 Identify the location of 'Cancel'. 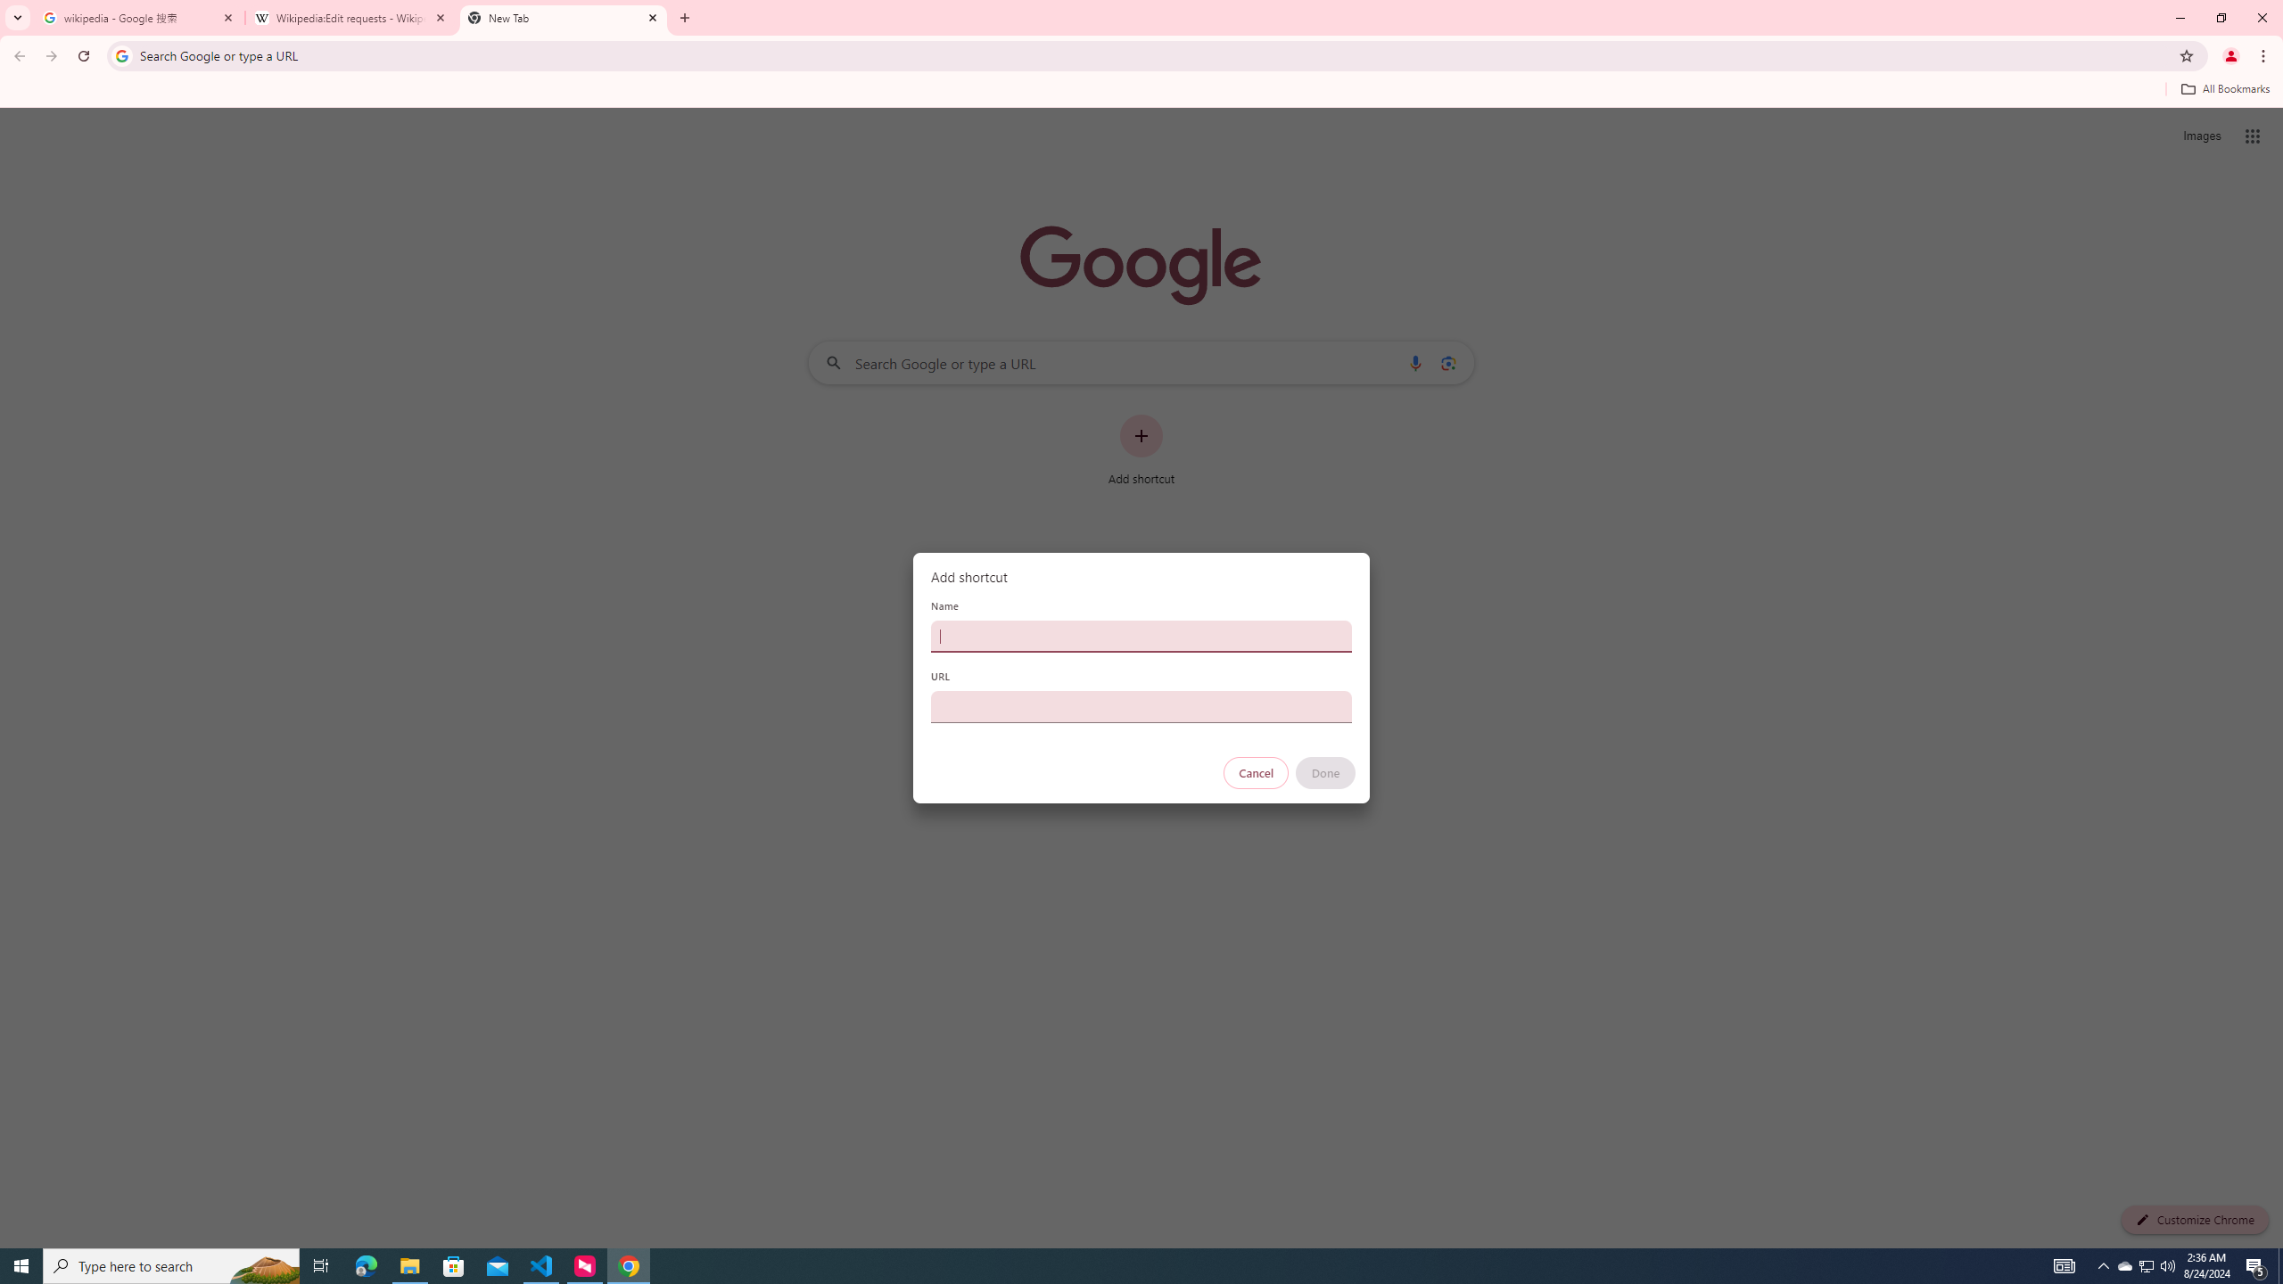
(1257, 772).